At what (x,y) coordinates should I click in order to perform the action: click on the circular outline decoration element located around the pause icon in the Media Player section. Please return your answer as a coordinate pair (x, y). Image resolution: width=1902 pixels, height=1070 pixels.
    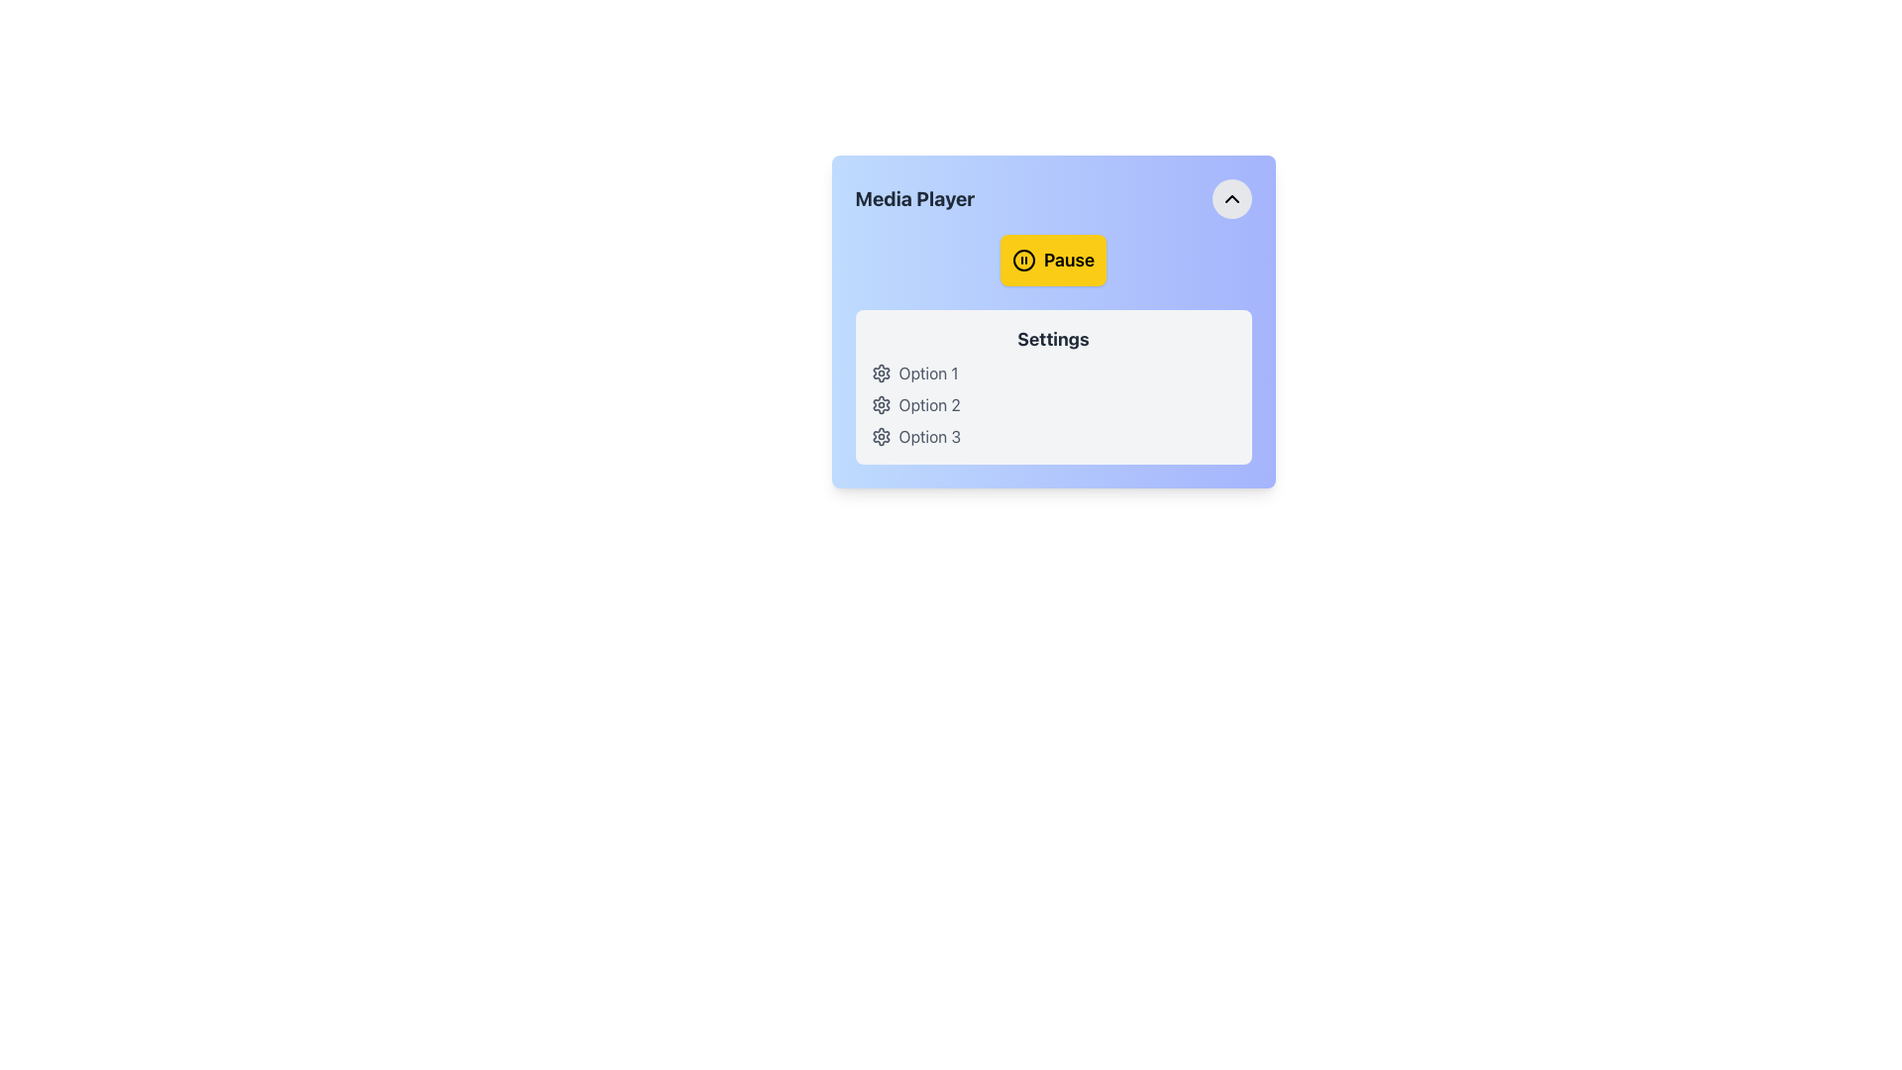
    Looking at the image, I should click on (1023, 259).